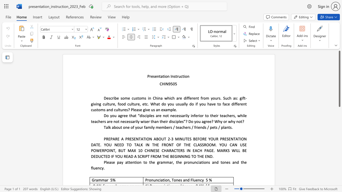 The image size is (342, 192). What do you see at coordinates (339, 111) in the screenshot?
I see `the scrollbar on the right` at bounding box center [339, 111].